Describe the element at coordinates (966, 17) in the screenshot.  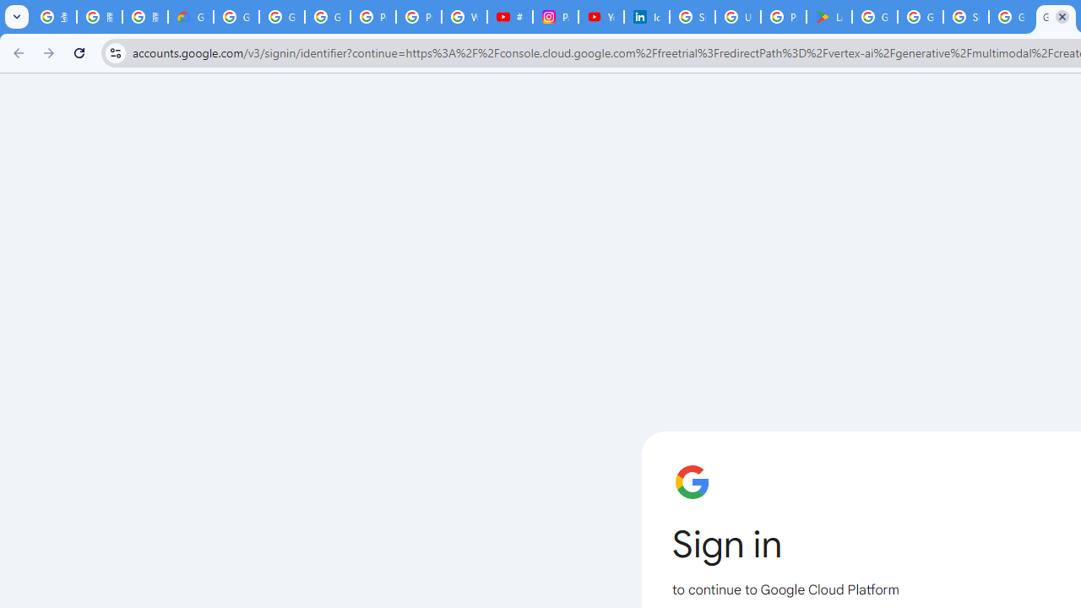
I see `'Sign in - Google Accounts'` at that location.